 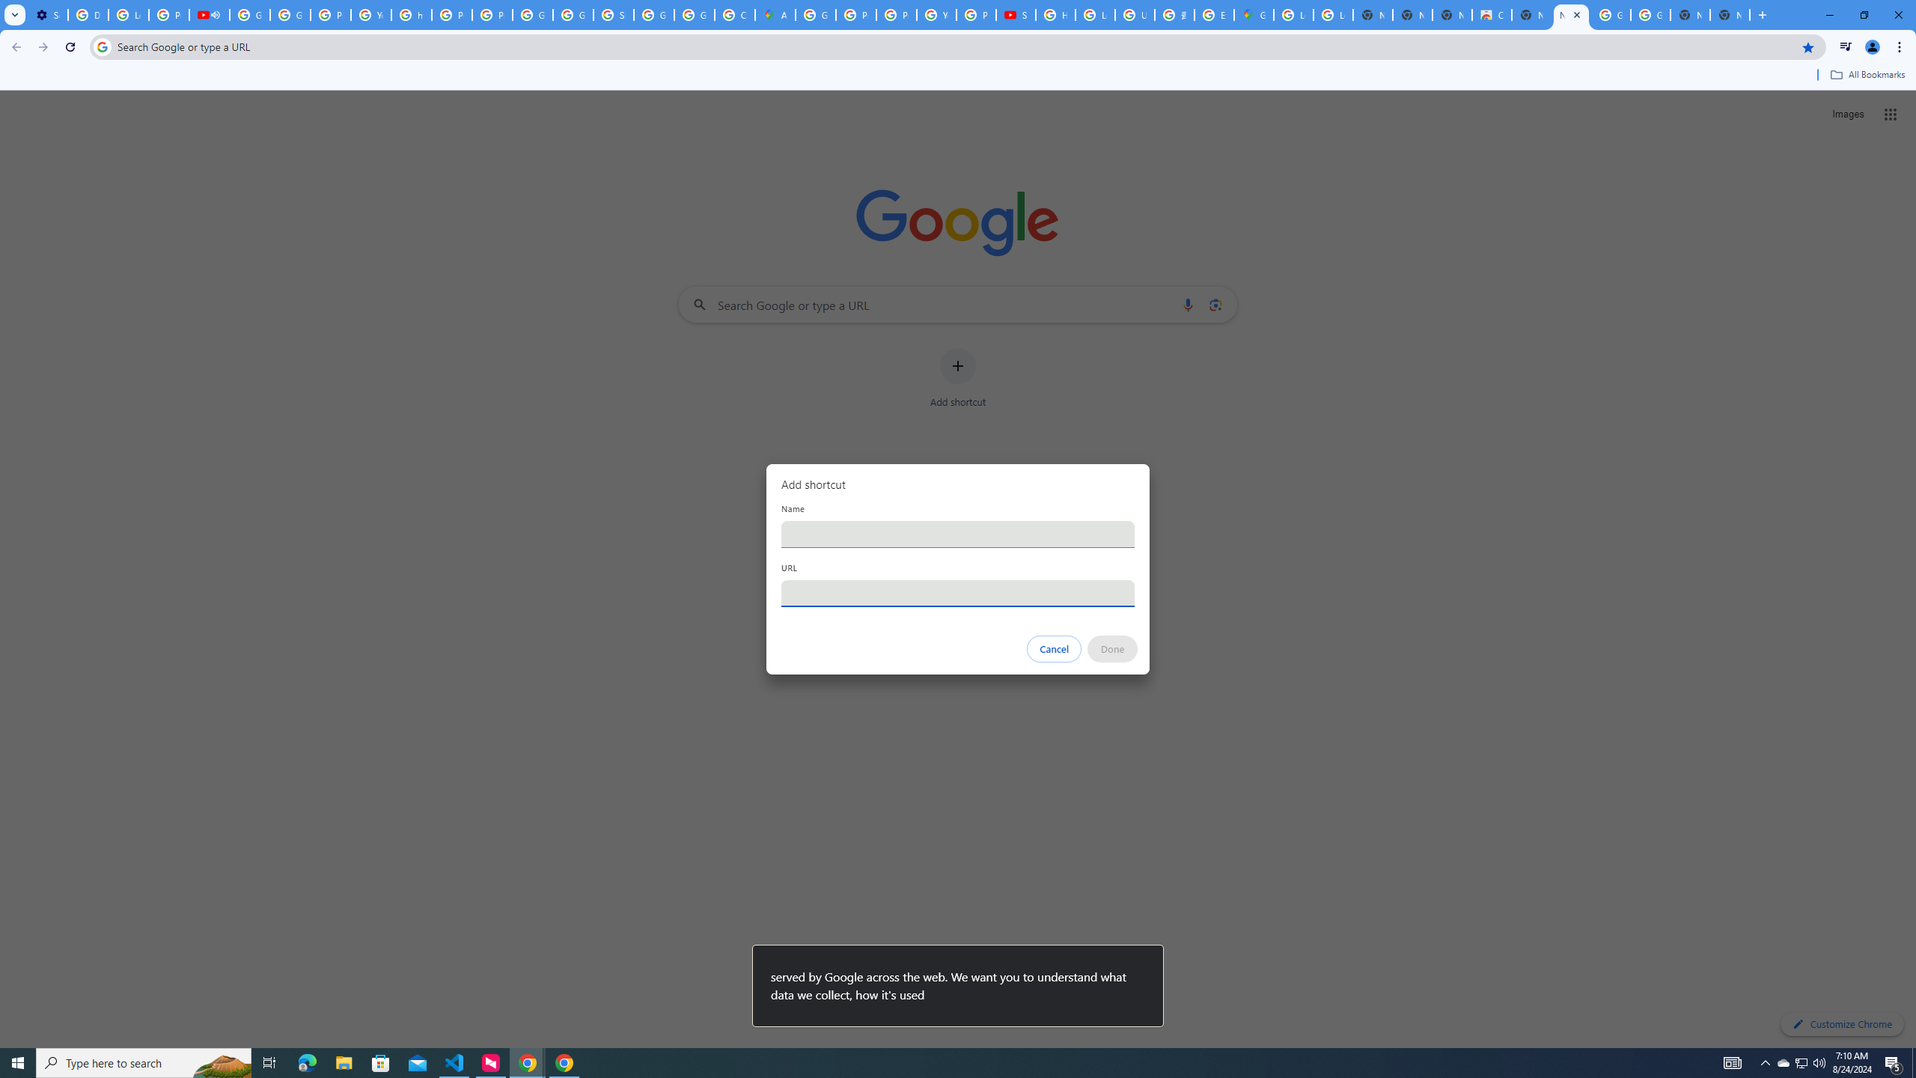 What do you see at coordinates (216, 14) in the screenshot?
I see `'Mute tab'` at bounding box center [216, 14].